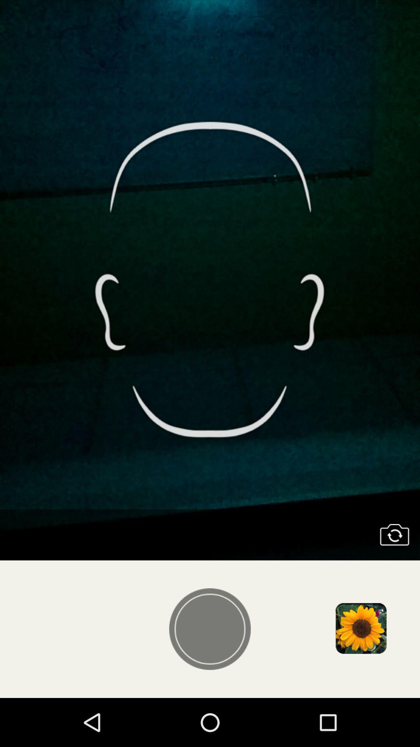 This screenshot has height=747, width=420. Describe the element at coordinates (394, 572) in the screenshot. I see `the photo icon` at that location.